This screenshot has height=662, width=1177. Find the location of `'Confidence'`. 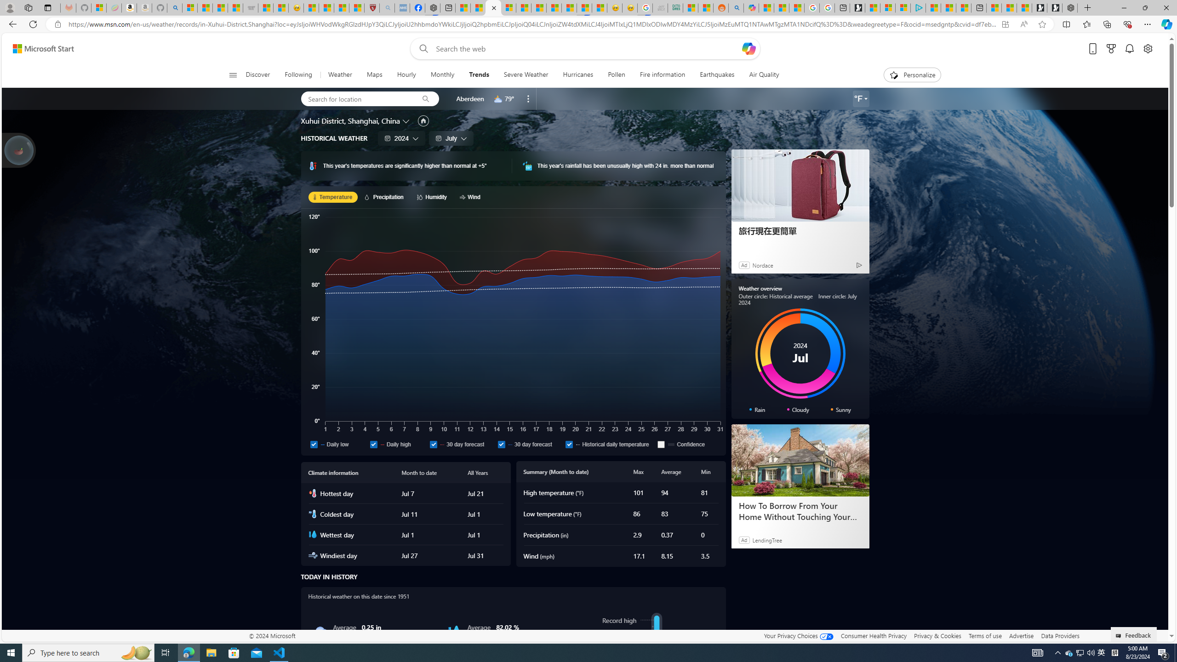

'Confidence' is located at coordinates (687, 444).